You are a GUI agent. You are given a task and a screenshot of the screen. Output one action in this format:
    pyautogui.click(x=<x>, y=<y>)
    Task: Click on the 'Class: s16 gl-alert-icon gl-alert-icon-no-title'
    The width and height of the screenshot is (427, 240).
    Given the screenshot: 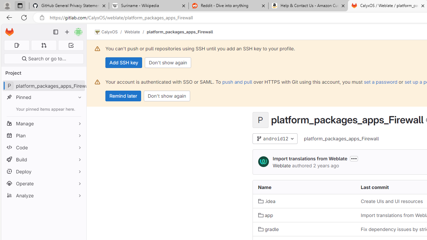 What is the action you would take?
    pyautogui.click(x=97, y=82)
    